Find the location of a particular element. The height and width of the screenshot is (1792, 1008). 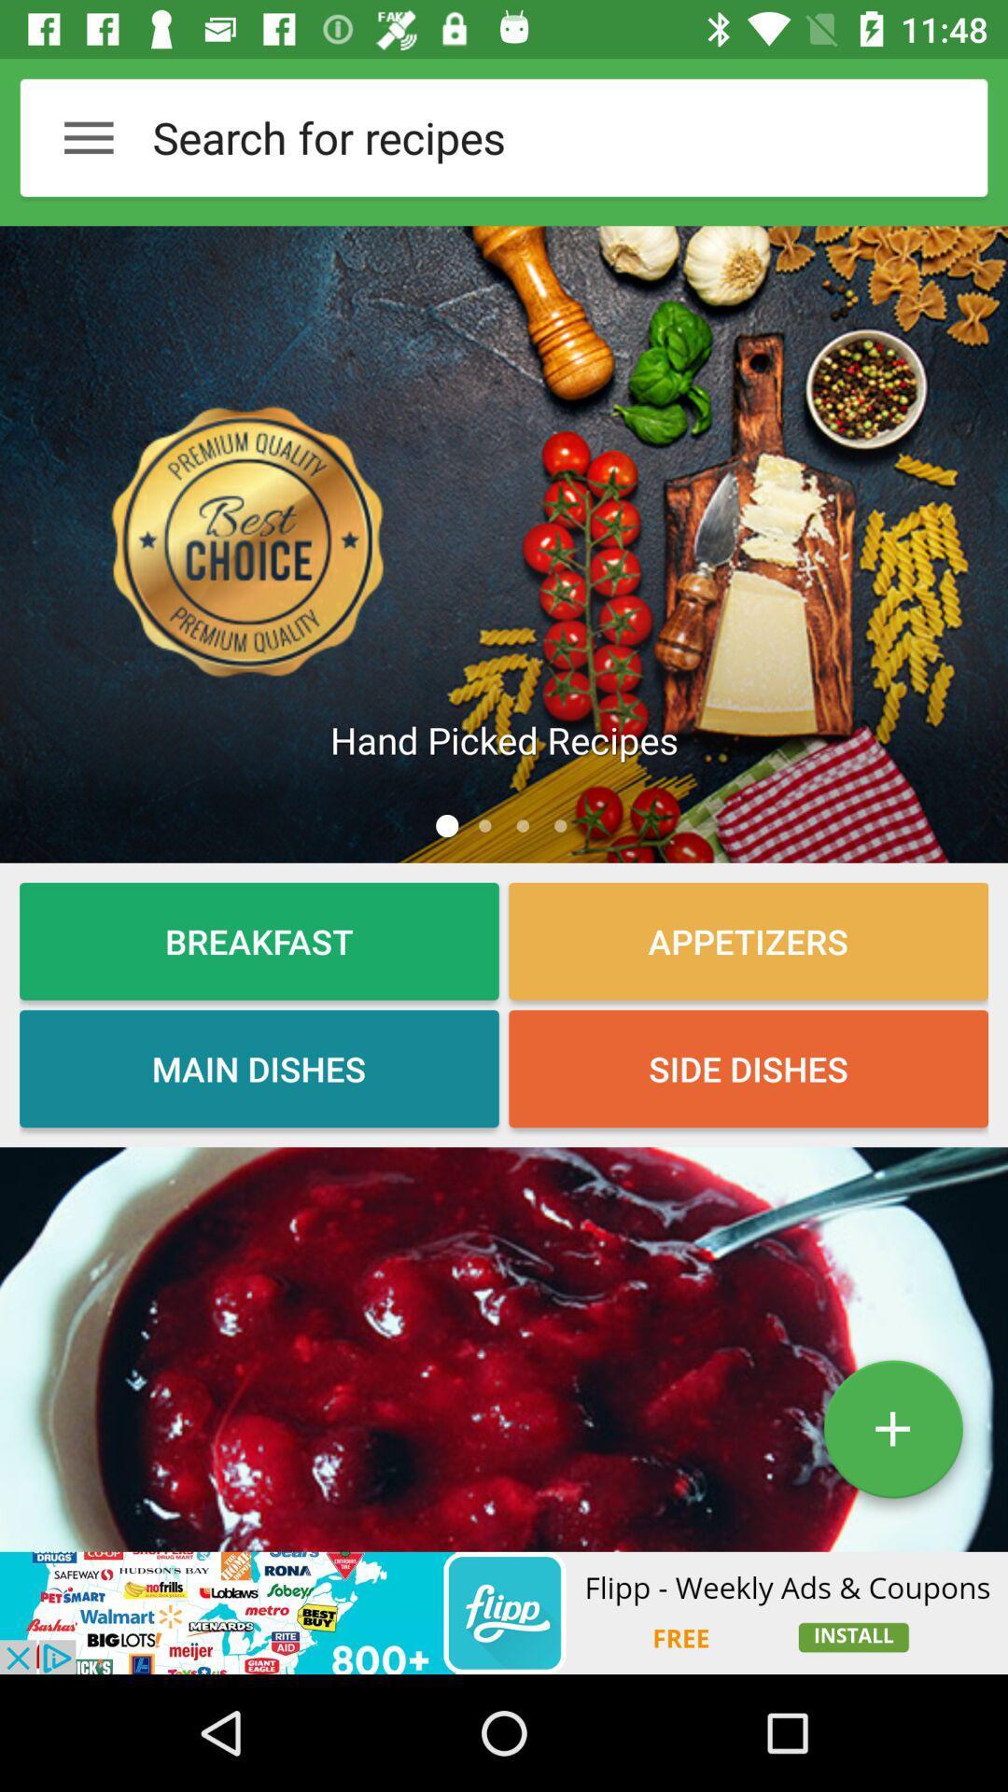

the appetizers button on the web page is located at coordinates (748, 941).